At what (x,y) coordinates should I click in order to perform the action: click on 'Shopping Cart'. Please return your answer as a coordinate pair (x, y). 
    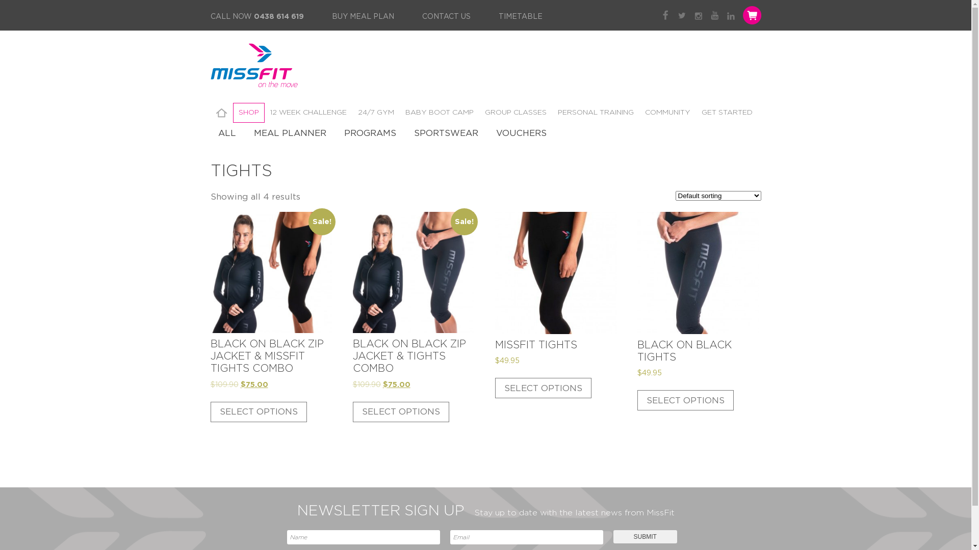
    Looking at the image, I should click on (751, 15).